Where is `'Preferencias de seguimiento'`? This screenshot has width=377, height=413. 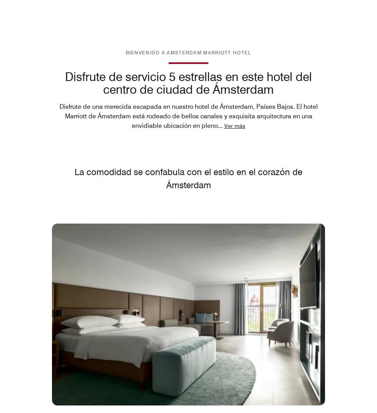
'Preferencias de seguimiento' is located at coordinates (214, 212).